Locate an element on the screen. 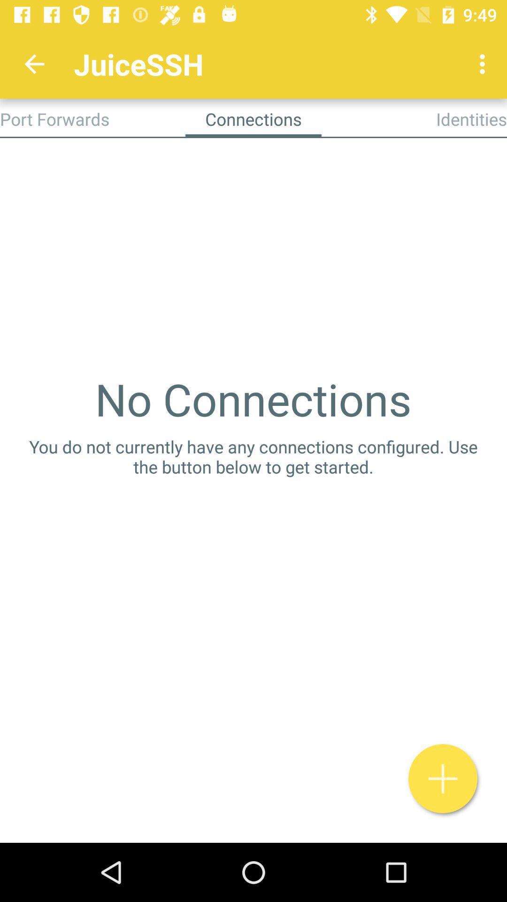 This screenshot has height=902, width=507. no connections is located at coordinates (253, 399).